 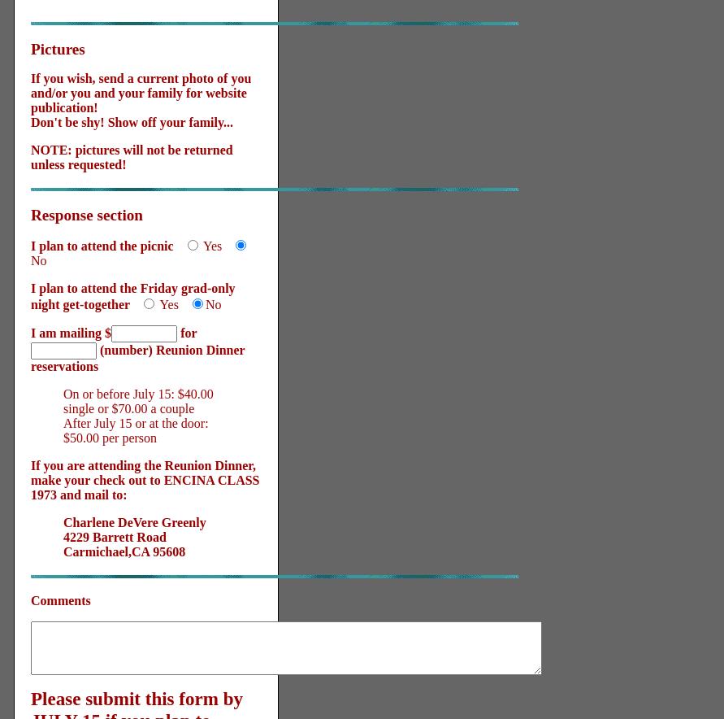 I want to click on 'for', so click(x=177, y=332).